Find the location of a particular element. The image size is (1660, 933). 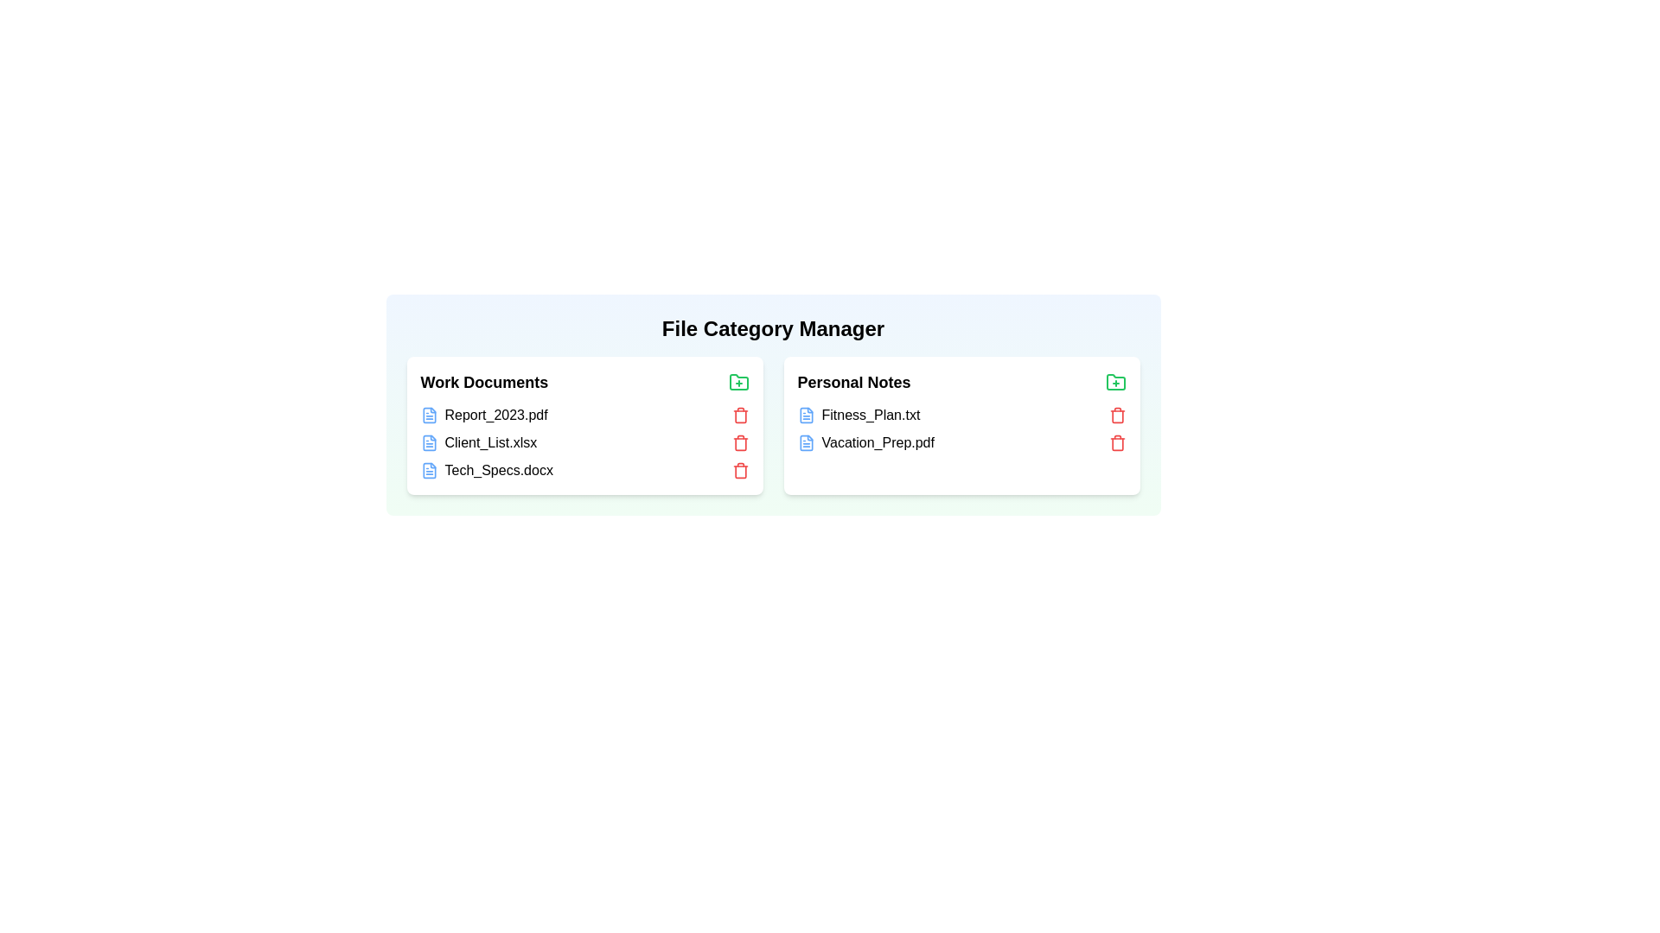

'Add File' button for the category 'Work Documents' is located at coordinates (738, 382).